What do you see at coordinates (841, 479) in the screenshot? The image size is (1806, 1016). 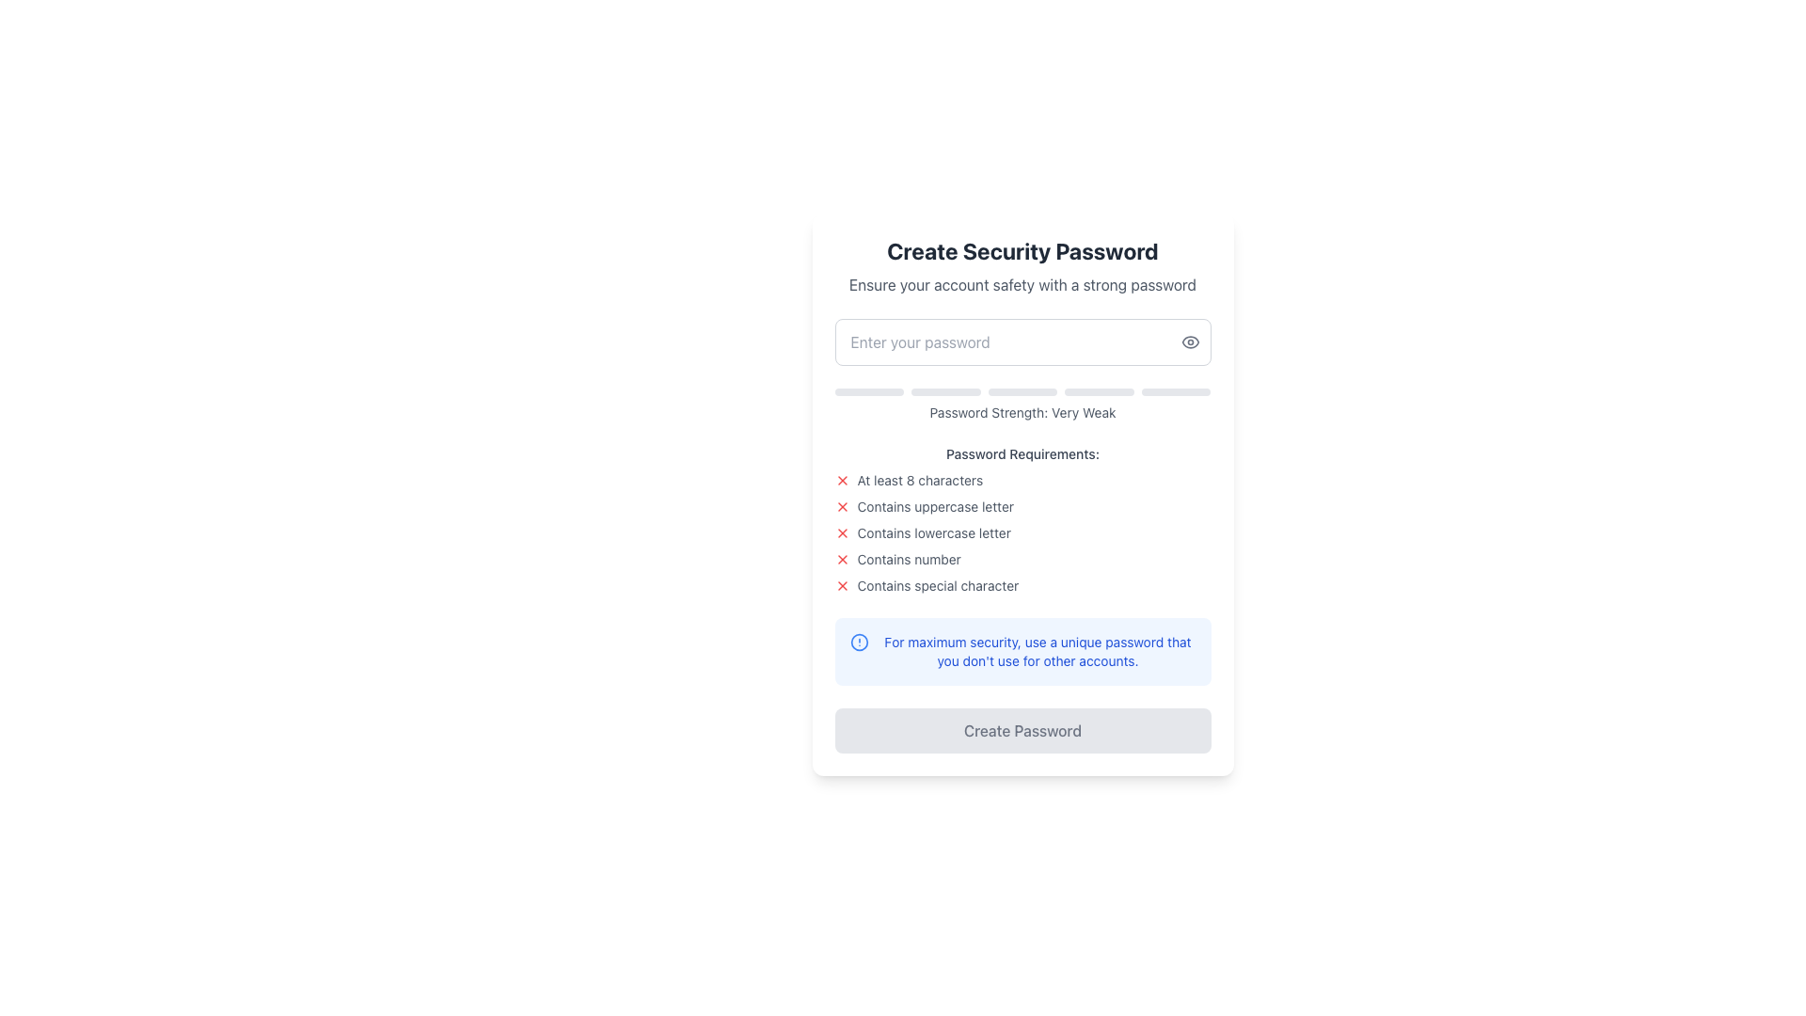 I see `the status of the password requirement indicator icon that shows the unmet condition for 'At least 8 characters'` at bounding box center [841, 479].